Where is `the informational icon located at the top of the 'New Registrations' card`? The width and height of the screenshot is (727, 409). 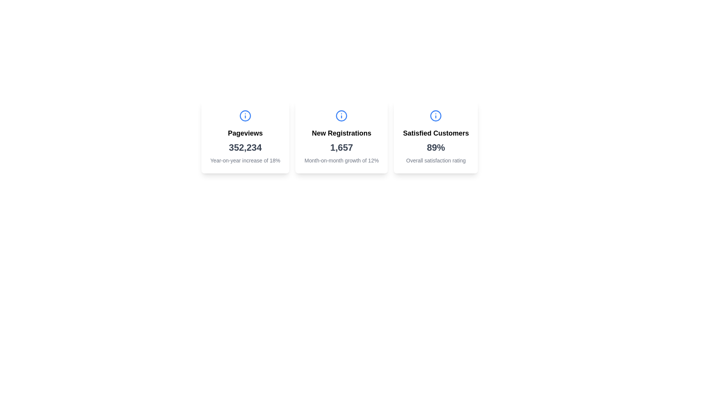 the informational icon located at the top of the 'New Registrations' card is located at coordinates (341, 116).